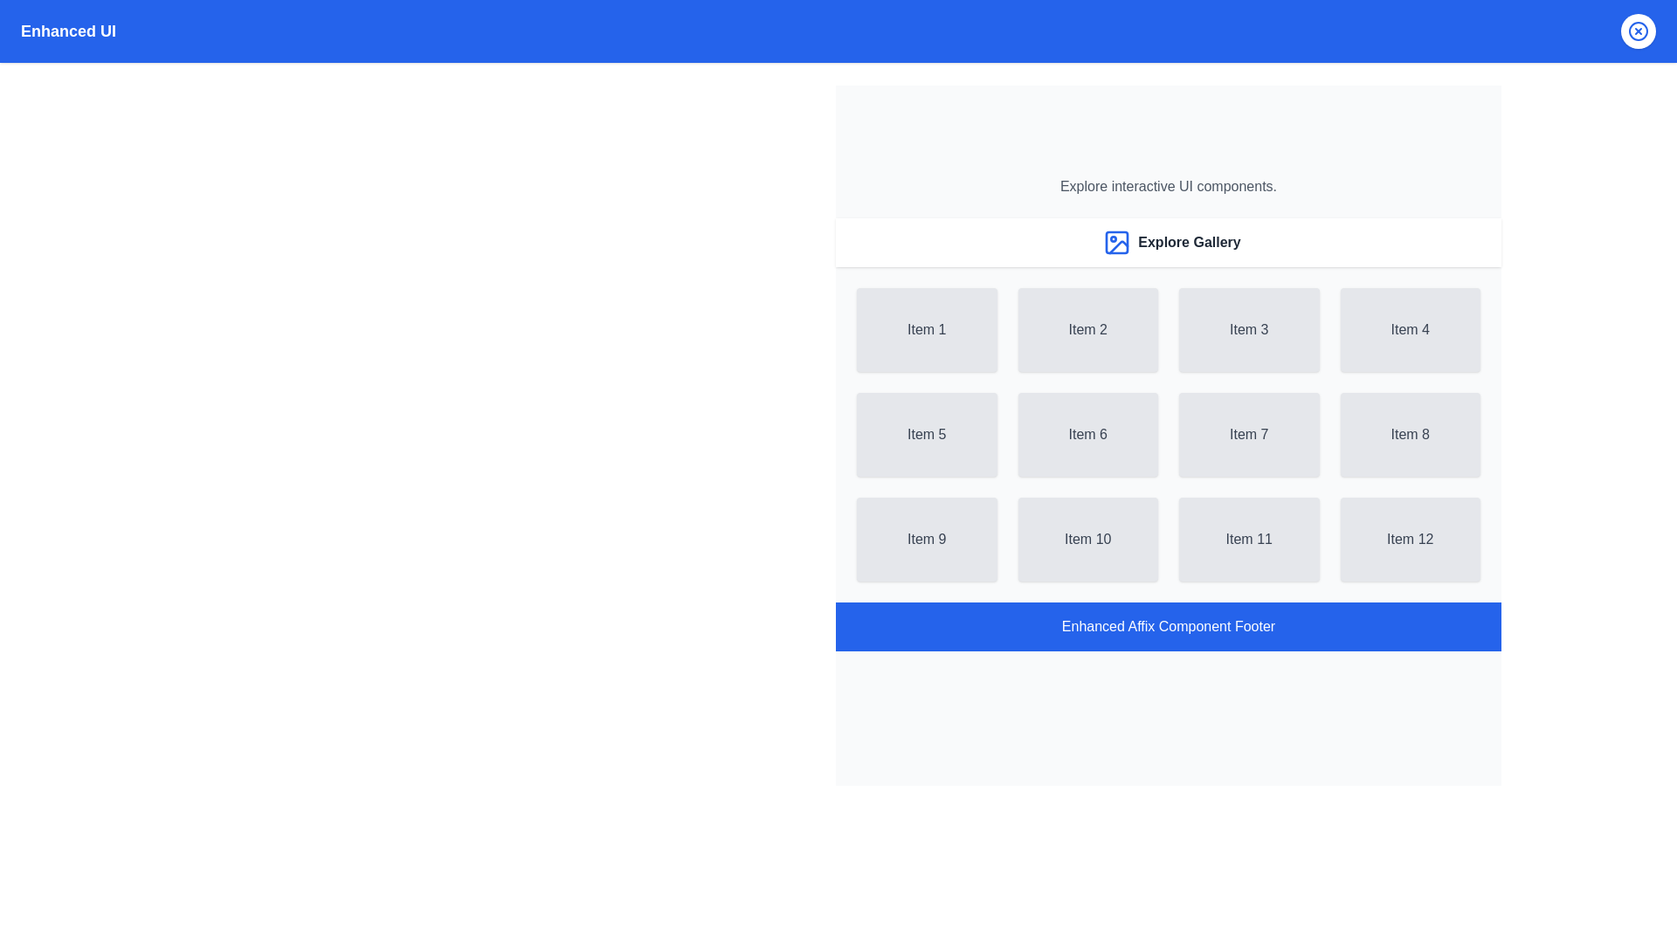 This screenshot has width=1677, height=943. I want to click on the second card in the grid layout, which is located in the top row and second column, so click(1087, 330).